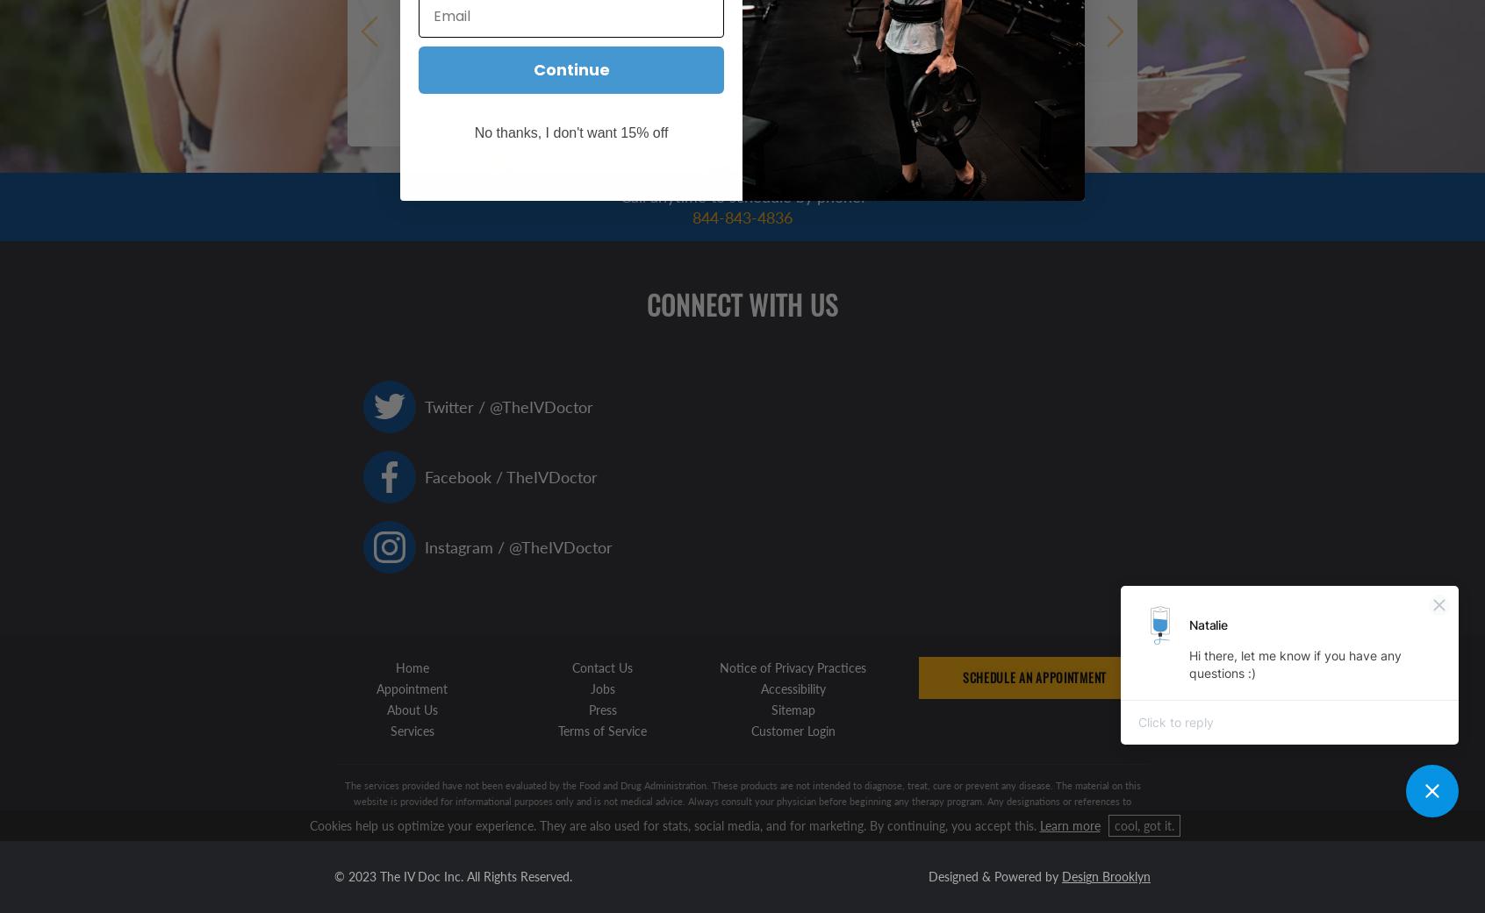  Describe the element at coordinates (411, 729) in the screenshot. I see `'Services'` at that location.